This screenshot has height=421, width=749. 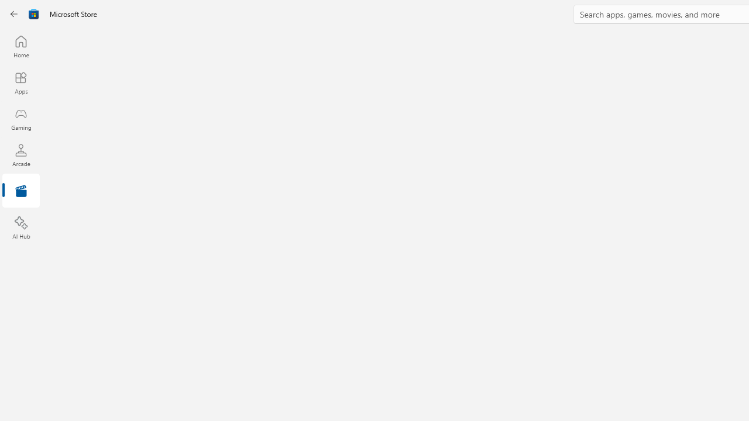 What do you see at coordinates (34, 14) in the screenshot?
I see `'Class: Image'` at bounding box center [34, 14].